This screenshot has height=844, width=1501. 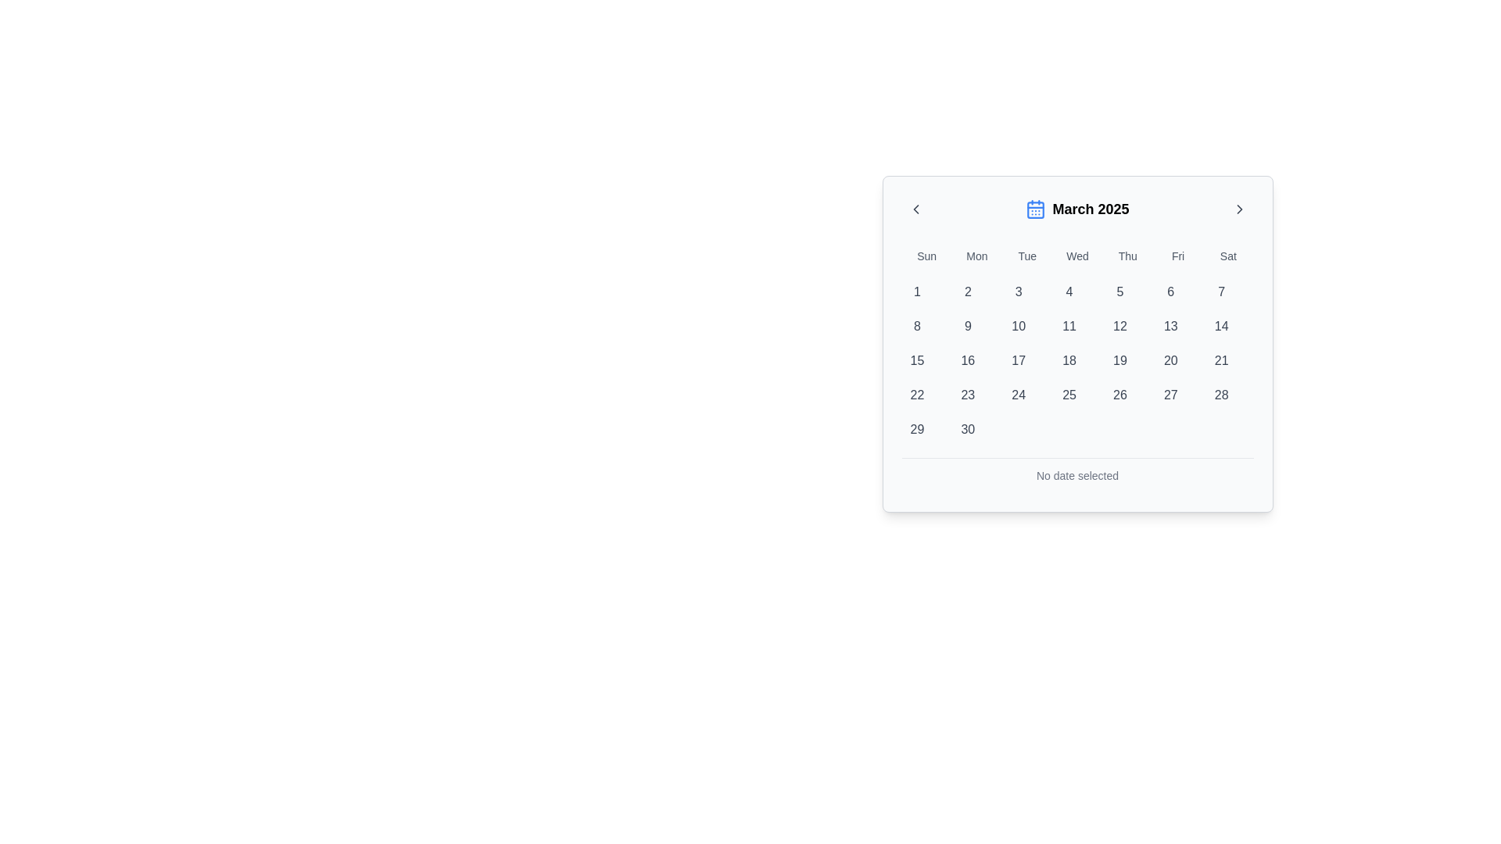 I want to click on the button representing the 8th day of the month in the calendar, so click(x=917, y=325).